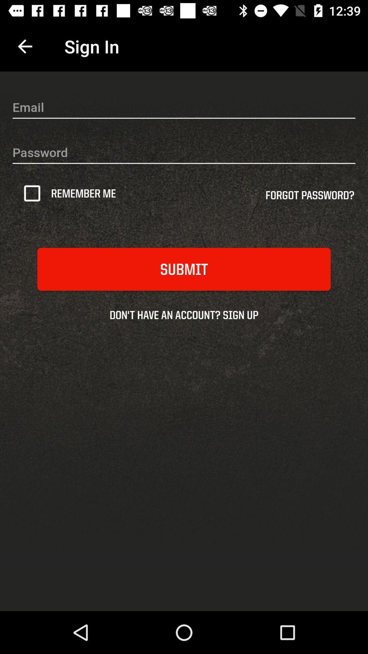 This screenshot has height=654, width=368. Describe the element at coordinates (34, 193) in the screenshot. I see `icon above the submit` at that location.